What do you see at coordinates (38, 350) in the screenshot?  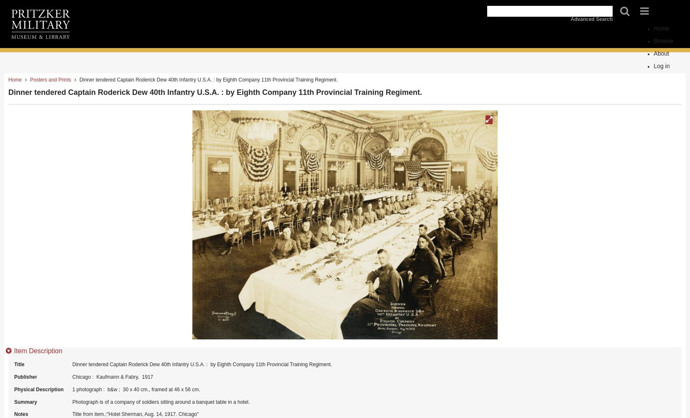 I see `'Item Description'` at bounding box center [38, 350].